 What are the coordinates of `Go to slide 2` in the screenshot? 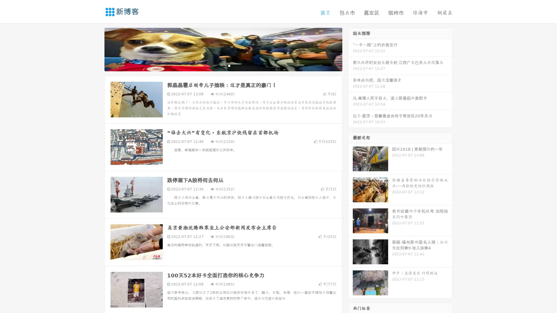 It's located at (223, 65).